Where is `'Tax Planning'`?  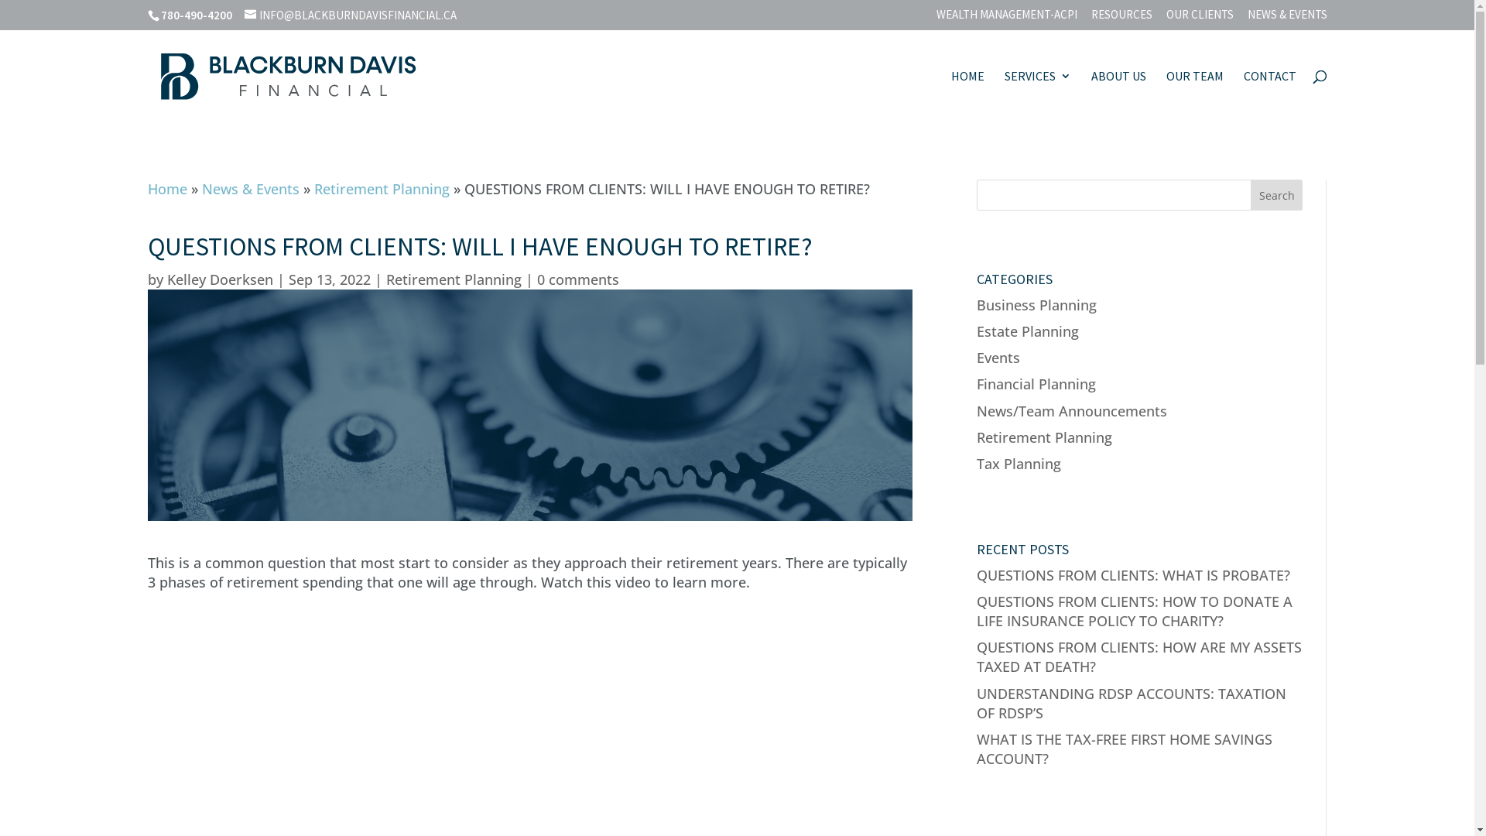
'Tax Planning' is located at coordinates (976, 462).